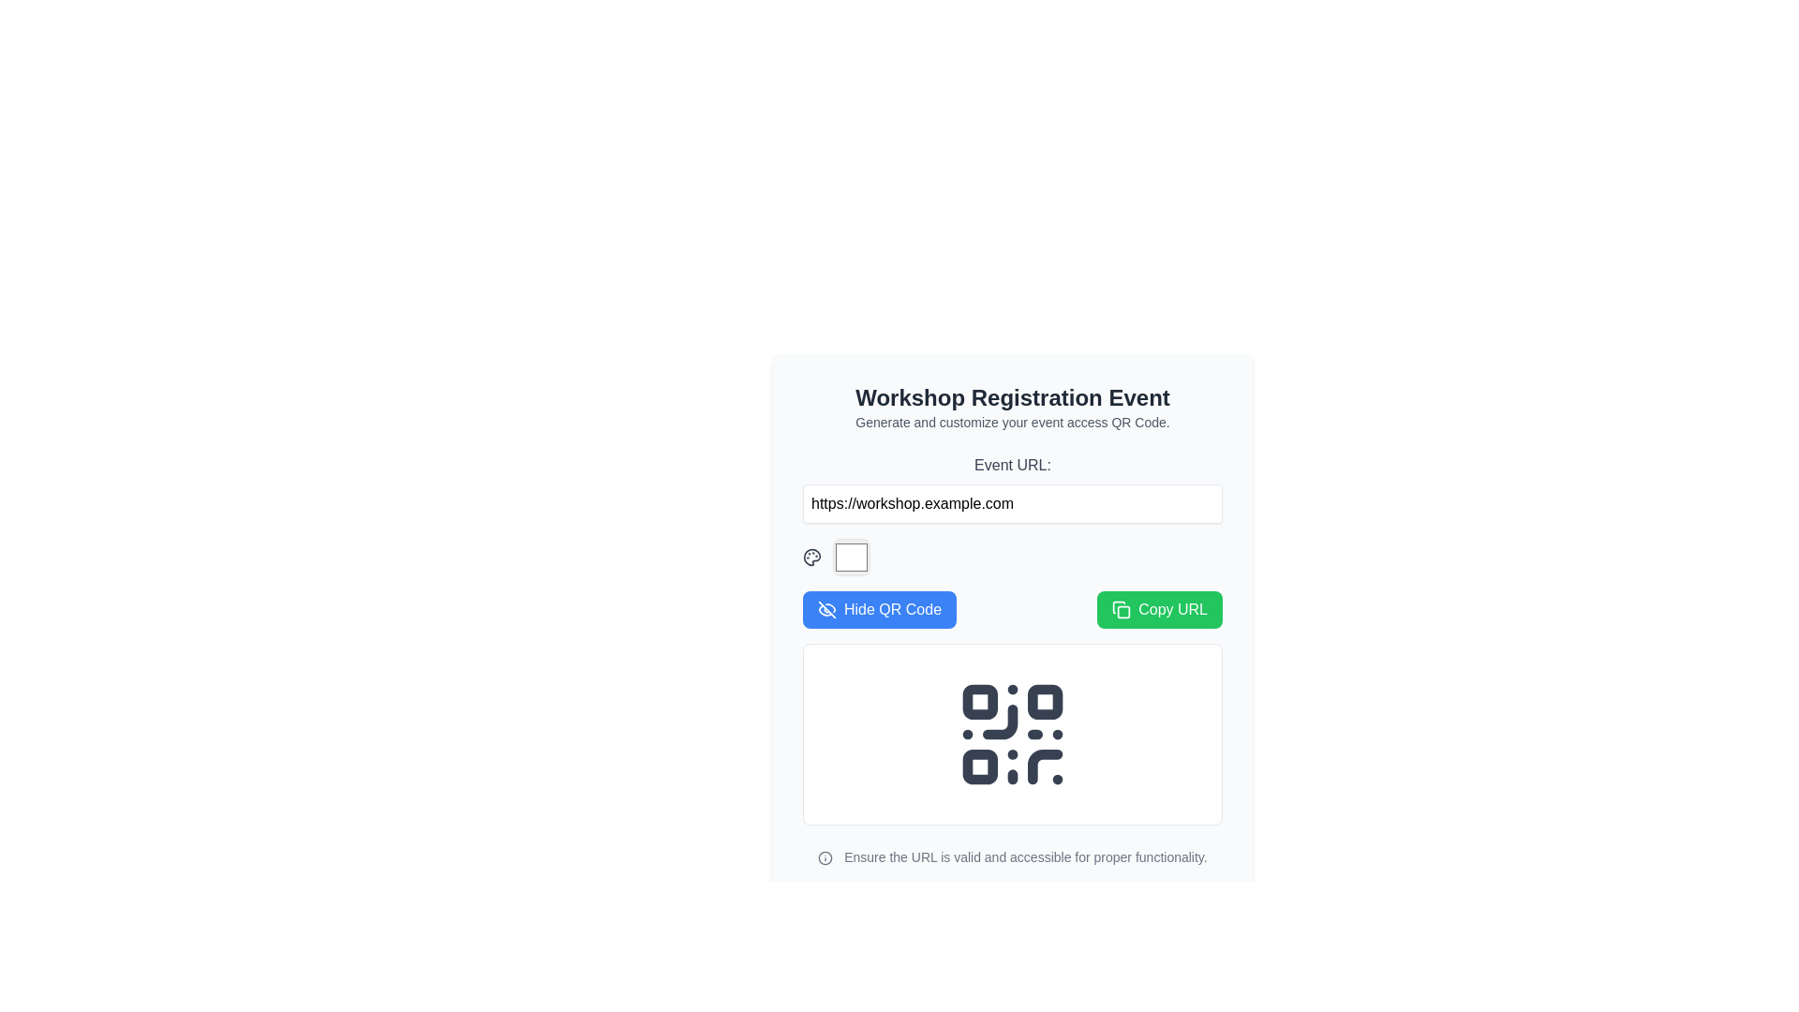 The height and width of the screenshot is (1012, 1799). I want to click on the 'Hide QR Code' button which contains the eye-off icon, located to the left of the button's text label, so click(826, 610).